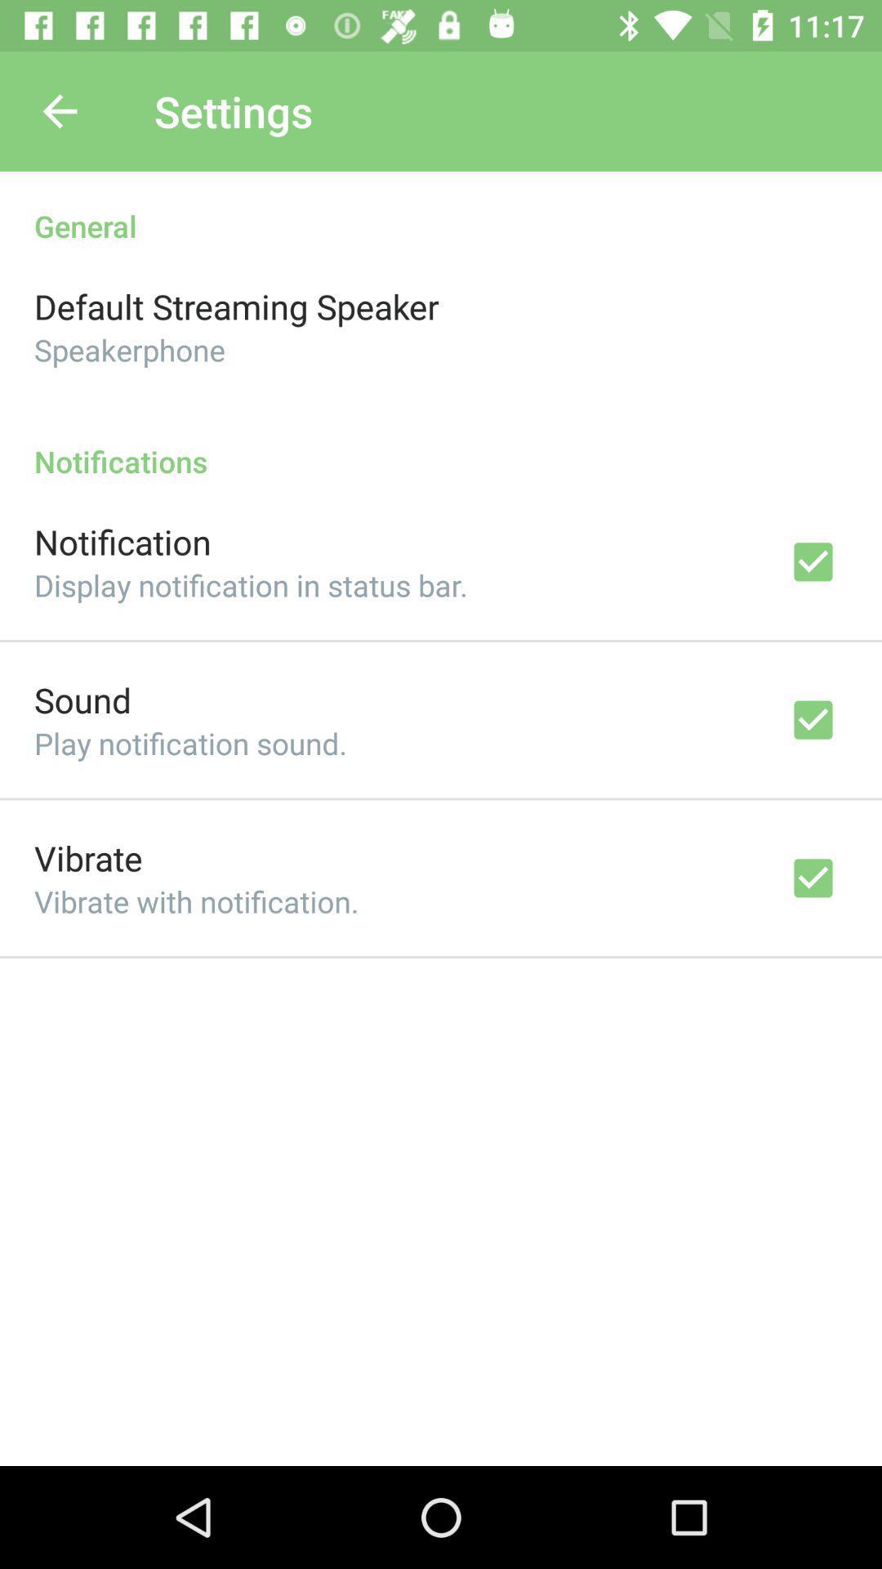 This screenshot has height=1569, width=882. What do you see at coordinates (251, 585) in the screenshot?
I see `the icon above the sound icon` at bounding box center [251, 585].